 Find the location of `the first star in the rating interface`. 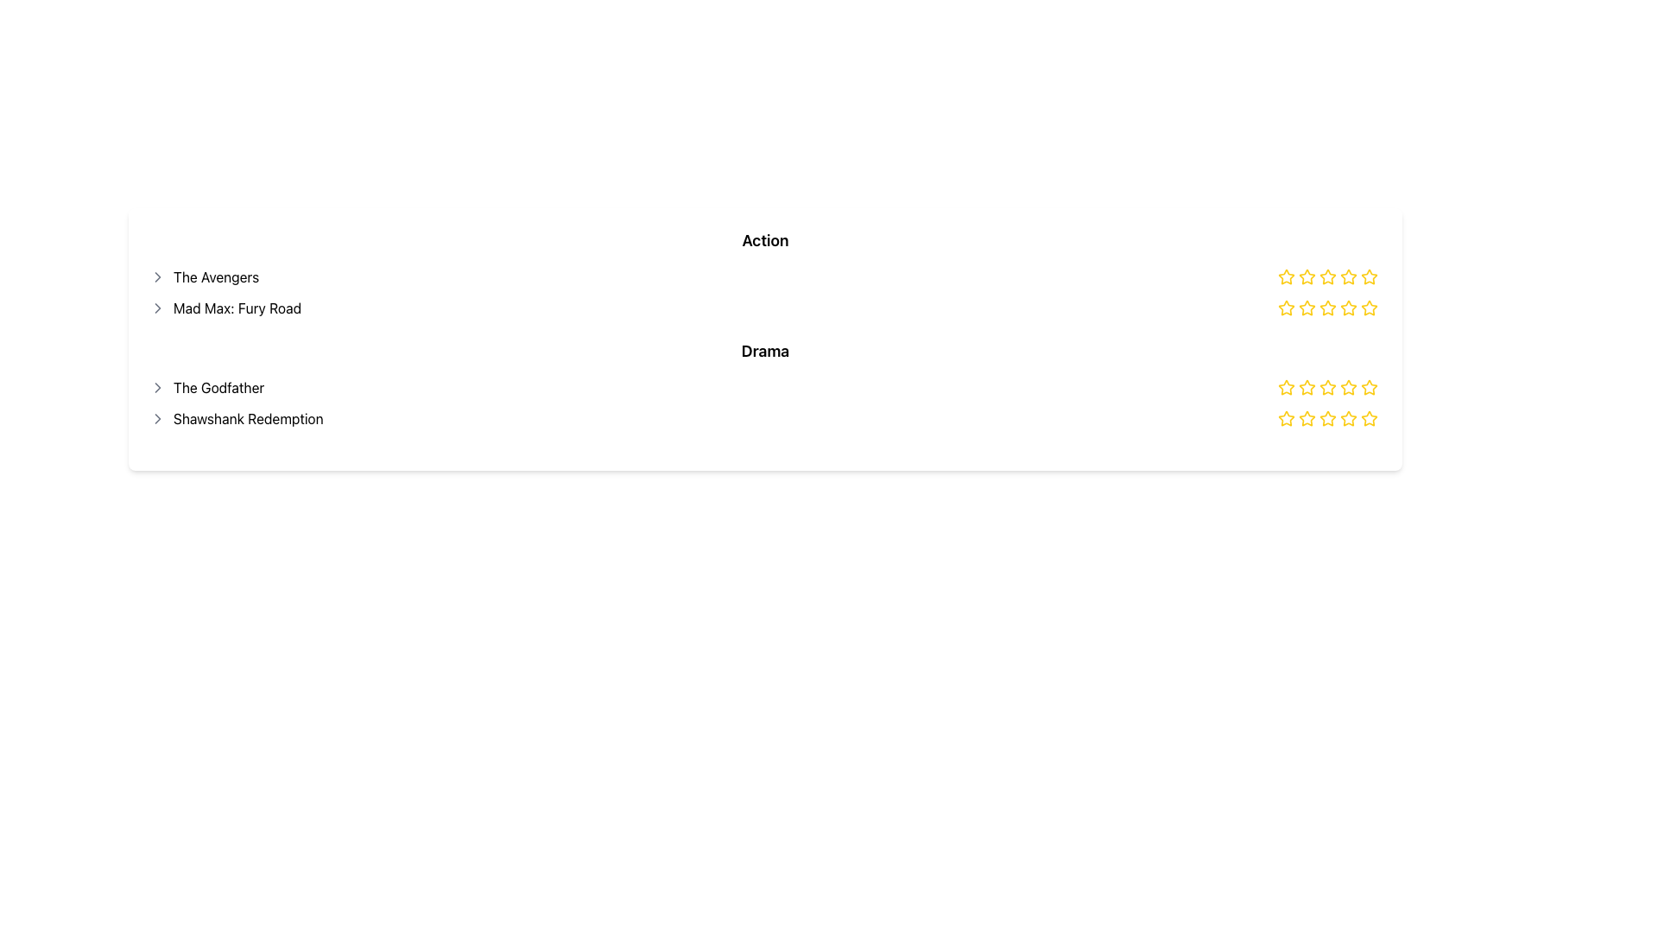

the first star in the rating interface is located at coordinates (1286, 276).